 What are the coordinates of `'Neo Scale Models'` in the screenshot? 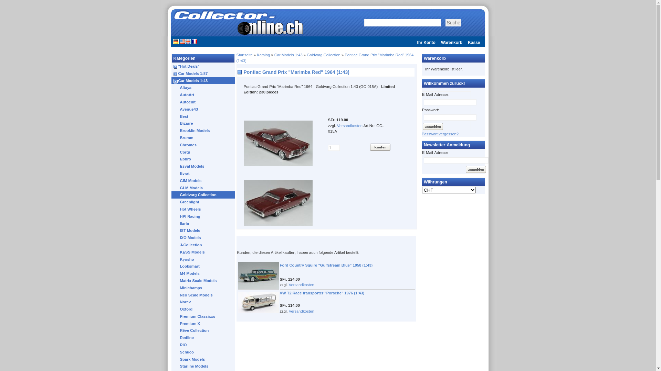 It's located at (204, 294).